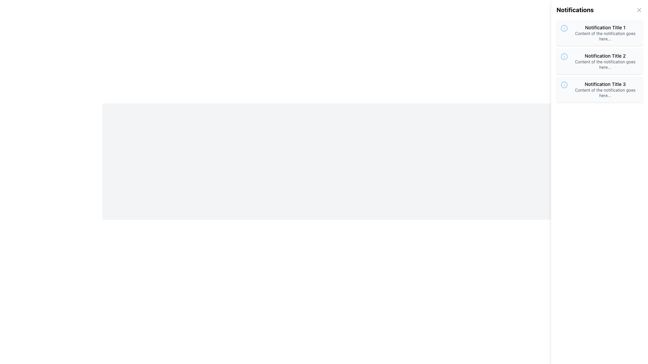 The width and height of the screenshot is (648, 364). What do you see at coordinates (564, 56) in the screenshot?
I see `the information icon styled in blue with a circular outline, located within the notification entry titled 'Notification Title 2'` at bounding box center [564, 56].